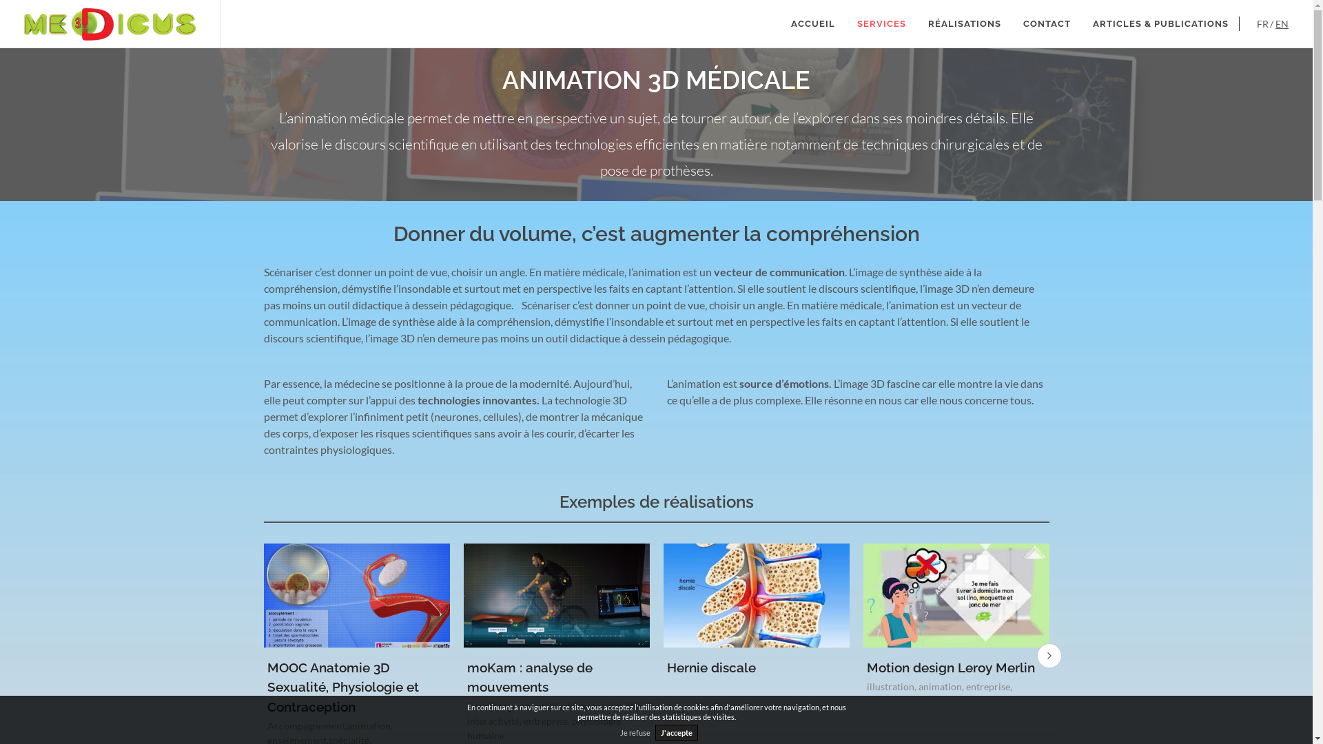  What do you see at coordinates (1047, 23) in the screenshot?
I see `'CONTACT'` at bounding box center [1047, 23].